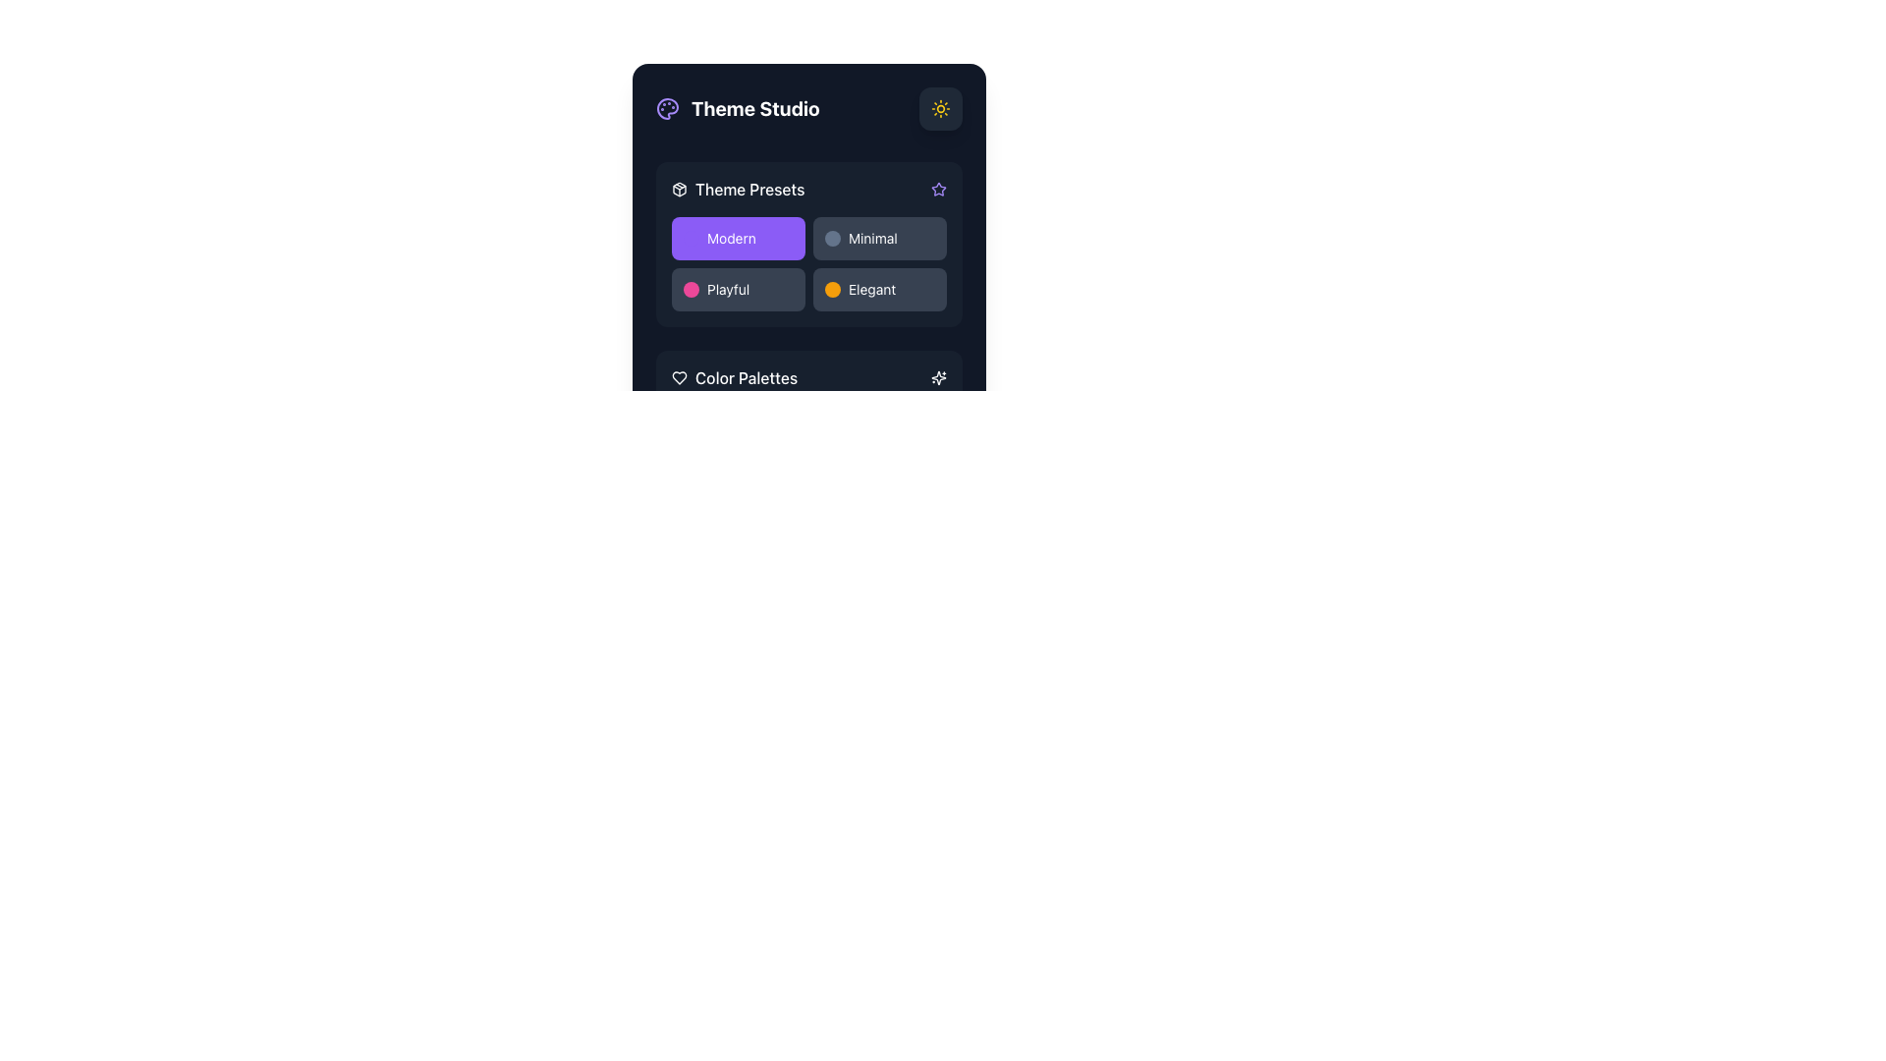 Image resolution: width=1886 pixels, height=1061 pixels. What do you see at coordinates (940, 109) in the screenshot?
I see `the animation of the sun symbol icon located in the top-right of the interface, which serves as a visual indicator for theme or mode toggle` at bounding box center [940, 109].